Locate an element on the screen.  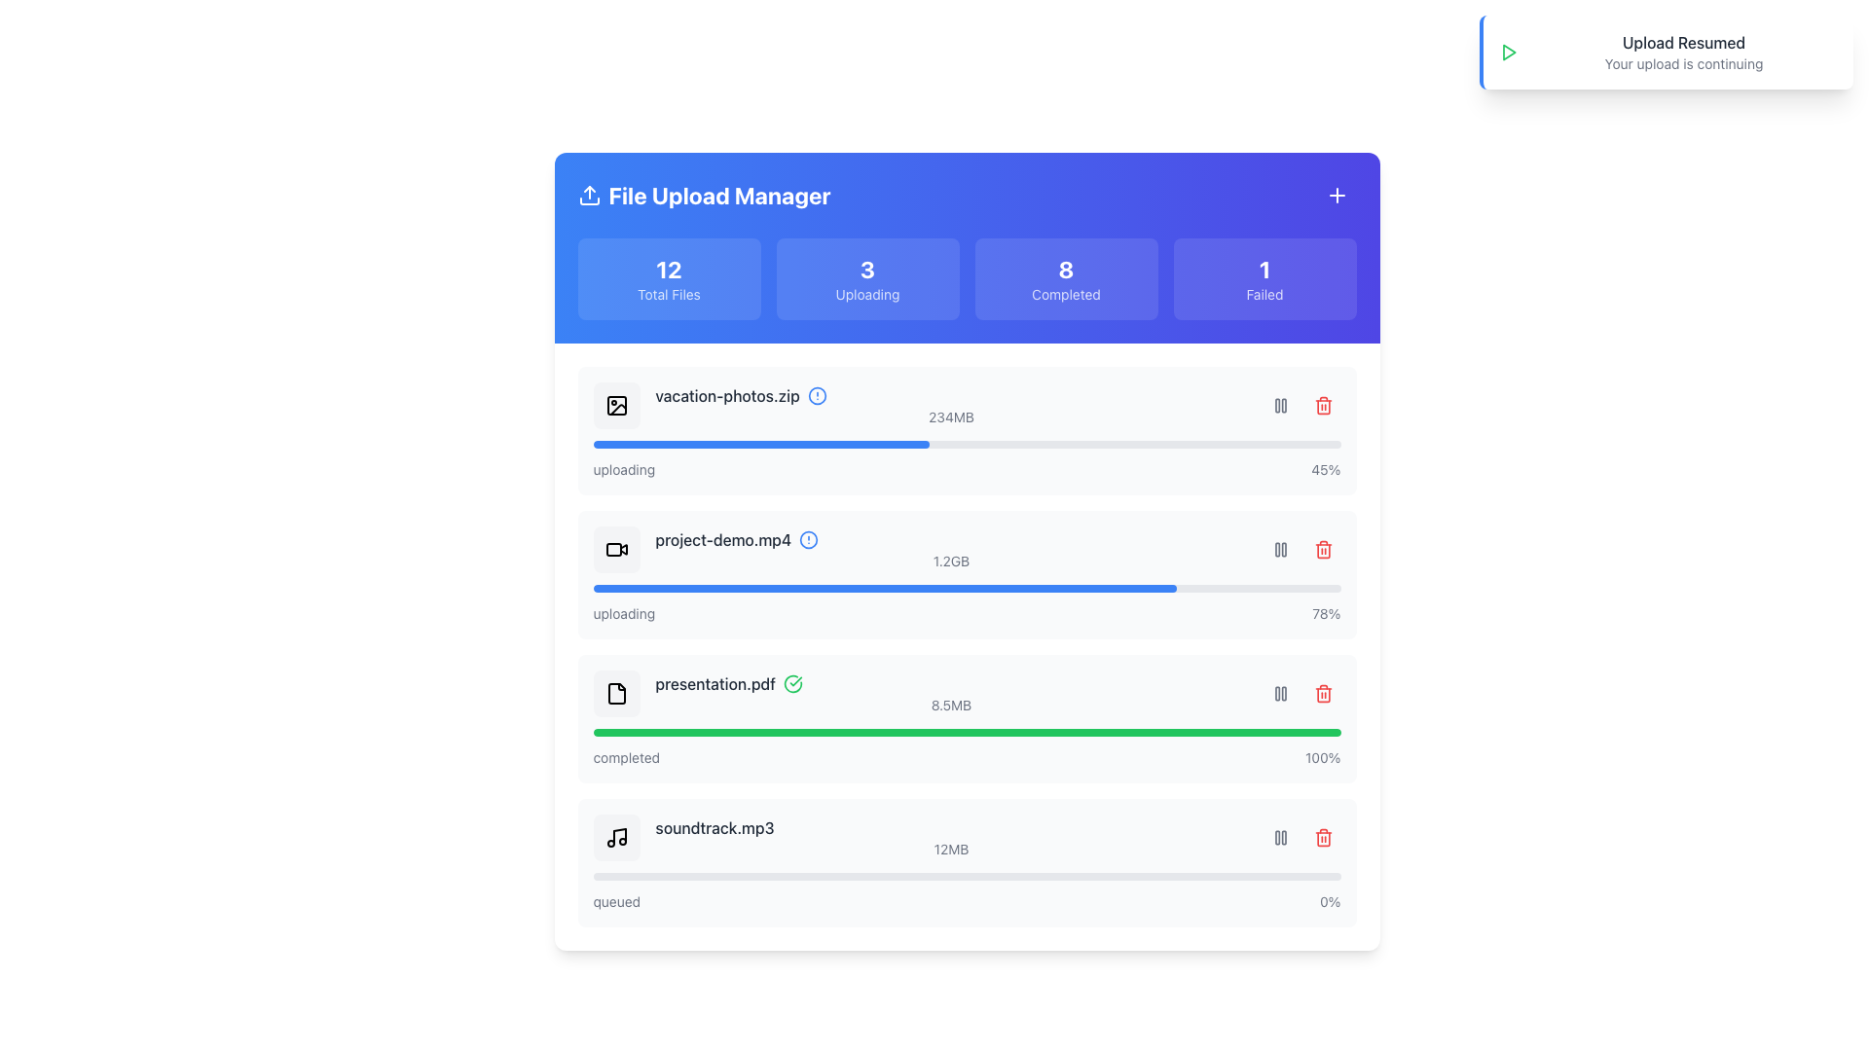
the informational card displaying the number of failed file uploads, which is the last item in the grid layout of the file upload manager interface is located at coordinates (1264, 278).